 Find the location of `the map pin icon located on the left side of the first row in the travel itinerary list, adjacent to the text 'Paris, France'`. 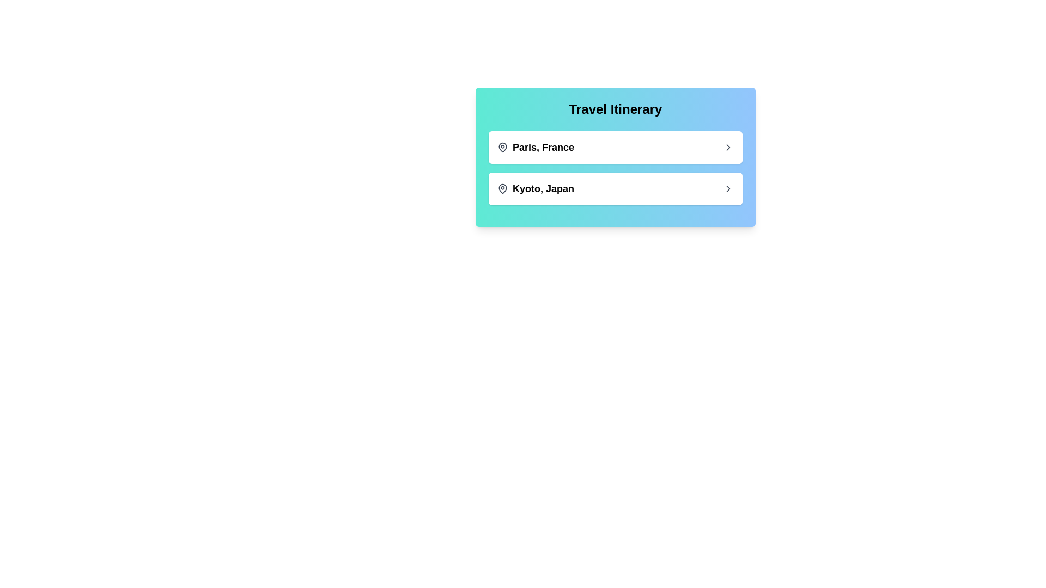

the map pin icon located on the left side of the first row in the travel itinerary list, adjacent to the text 'Paris, France' is located at coordinates (502, 147).